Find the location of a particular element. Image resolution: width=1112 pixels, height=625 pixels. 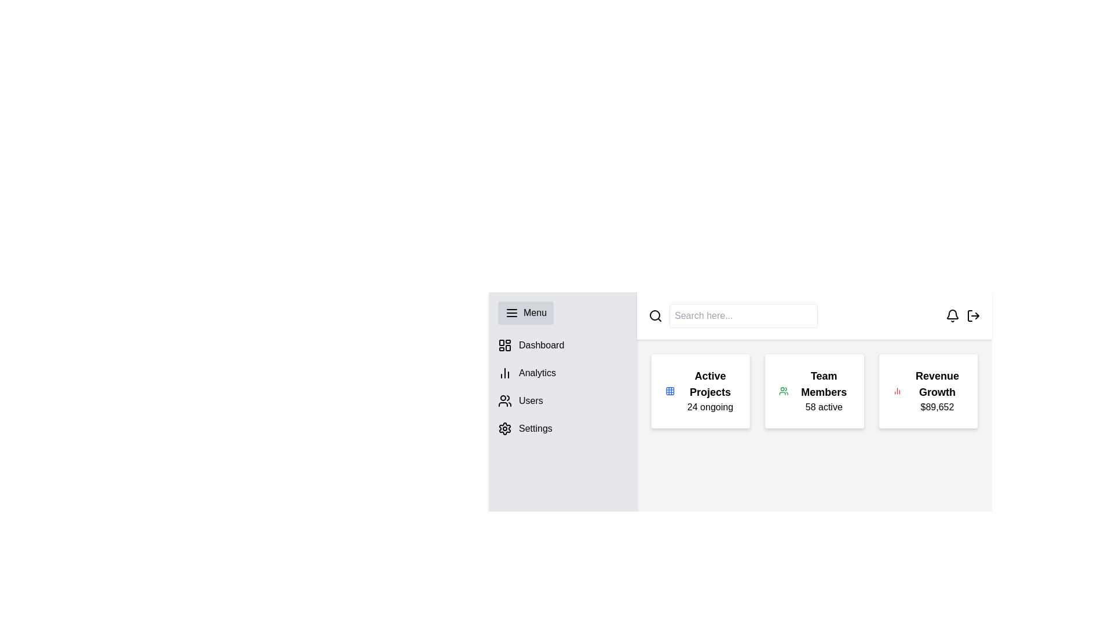

the 'Users' text label in the sidebar navigation menu is located at coordinates (530, 400).